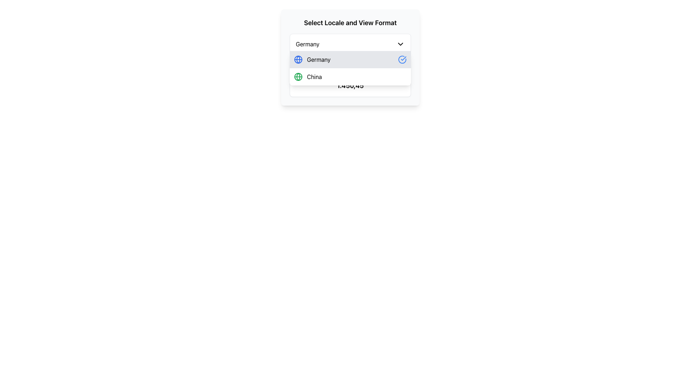 The image size is (691, 388). I want to click on the second item in the dropdown menu, so click(350, 68).